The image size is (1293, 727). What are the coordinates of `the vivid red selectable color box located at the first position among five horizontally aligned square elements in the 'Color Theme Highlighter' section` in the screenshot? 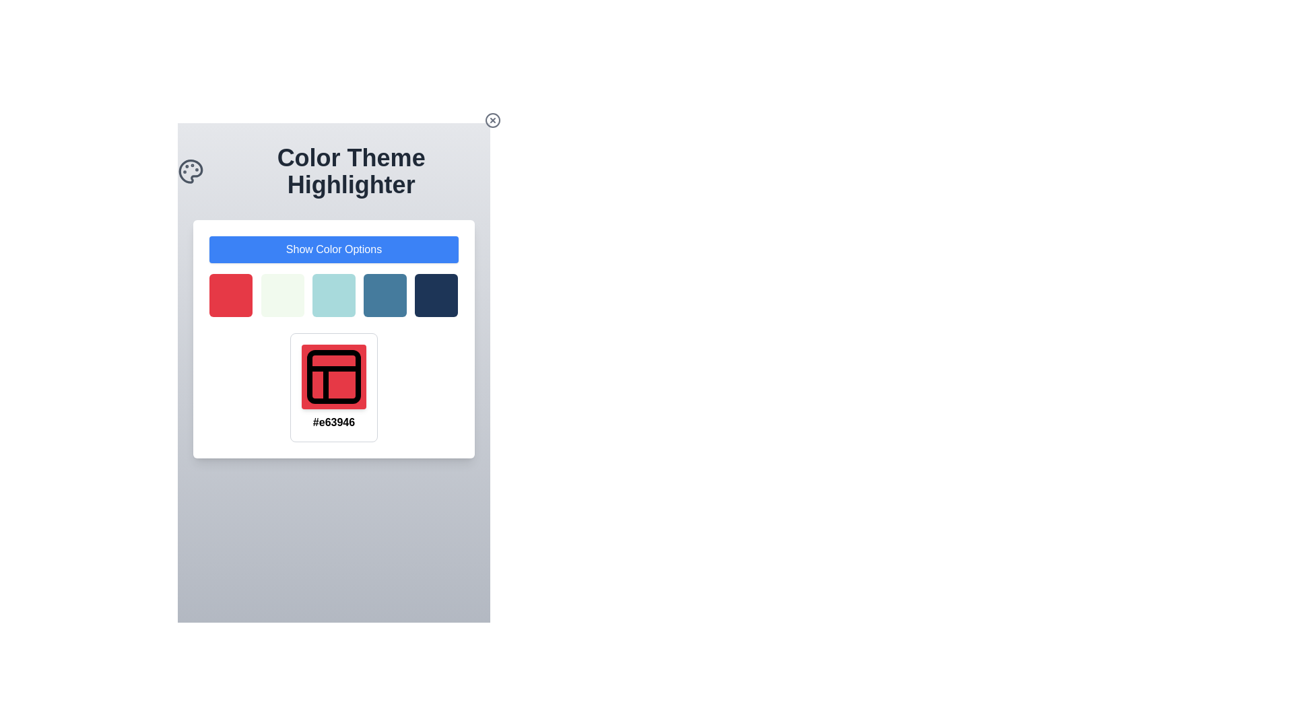 It's located at (231, 295).